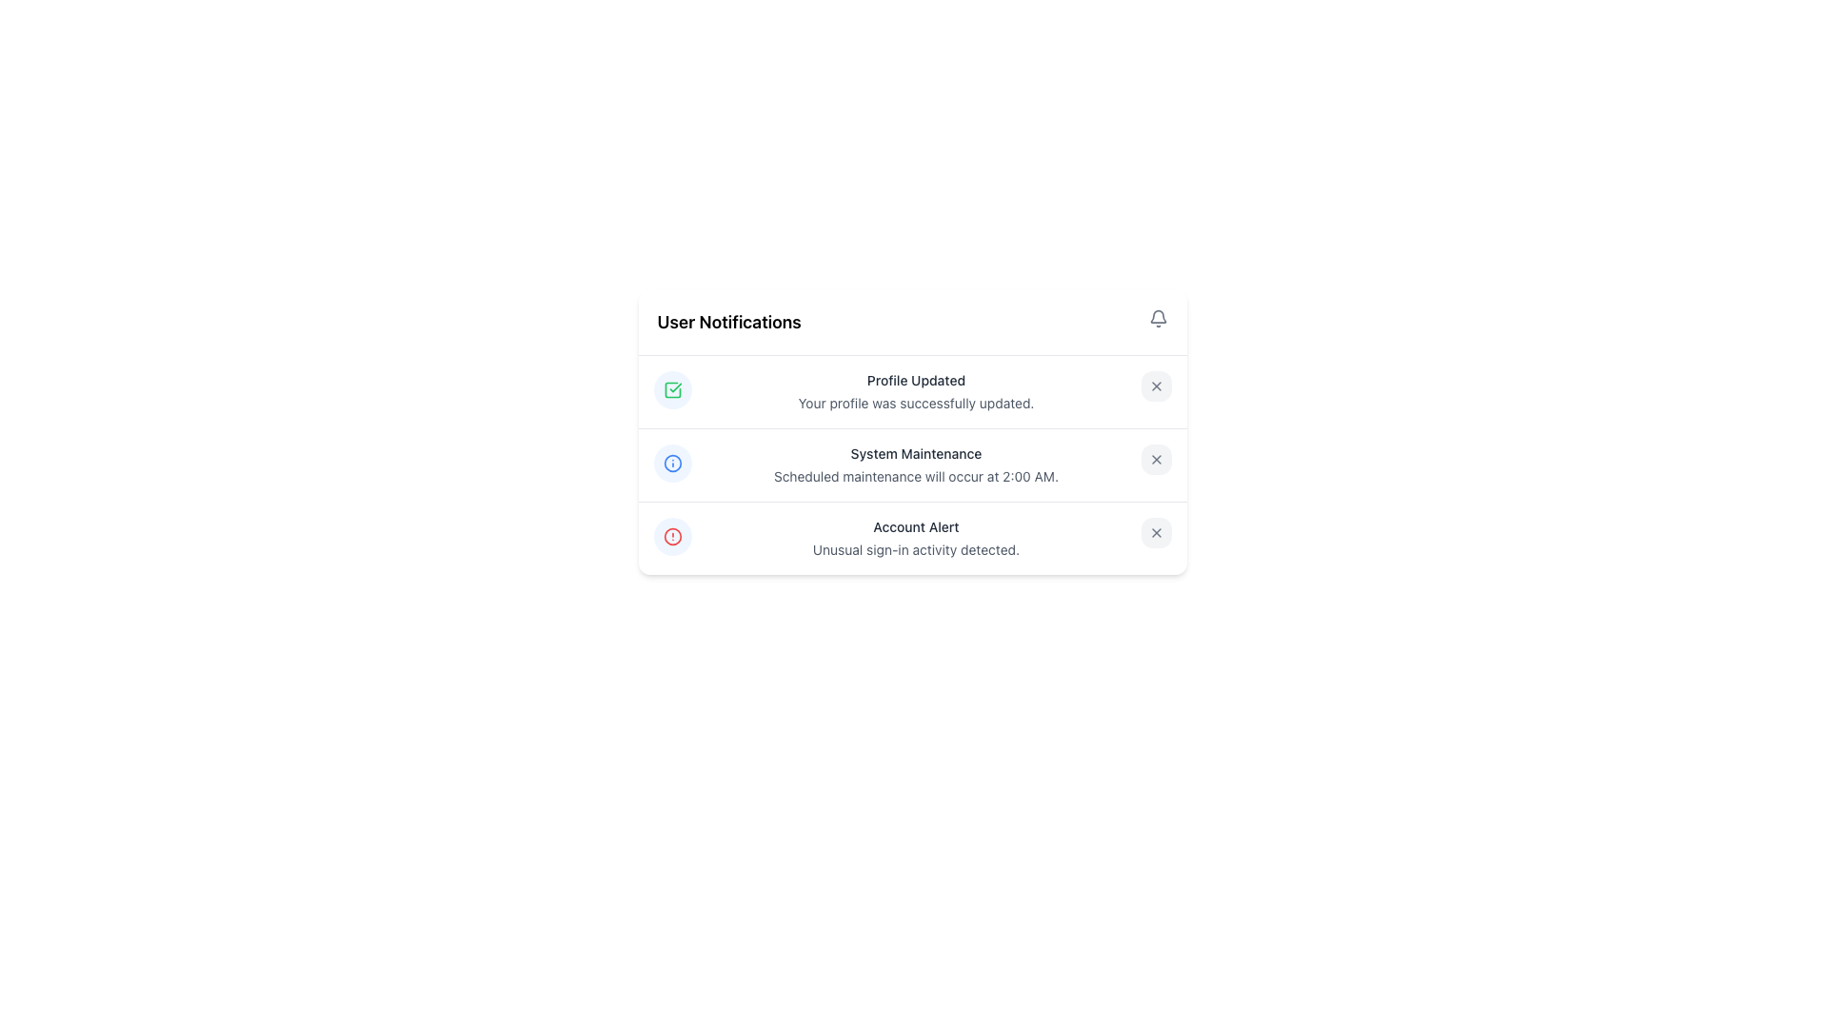 The height and width of the screenshot is (1028, 1828). Describe the element at coordinates (1155, 459) in the screenshot. I see `the dismiss icon shaped like an 'X' located to the far-right side of the 'System Maintenance' notification` at that location.